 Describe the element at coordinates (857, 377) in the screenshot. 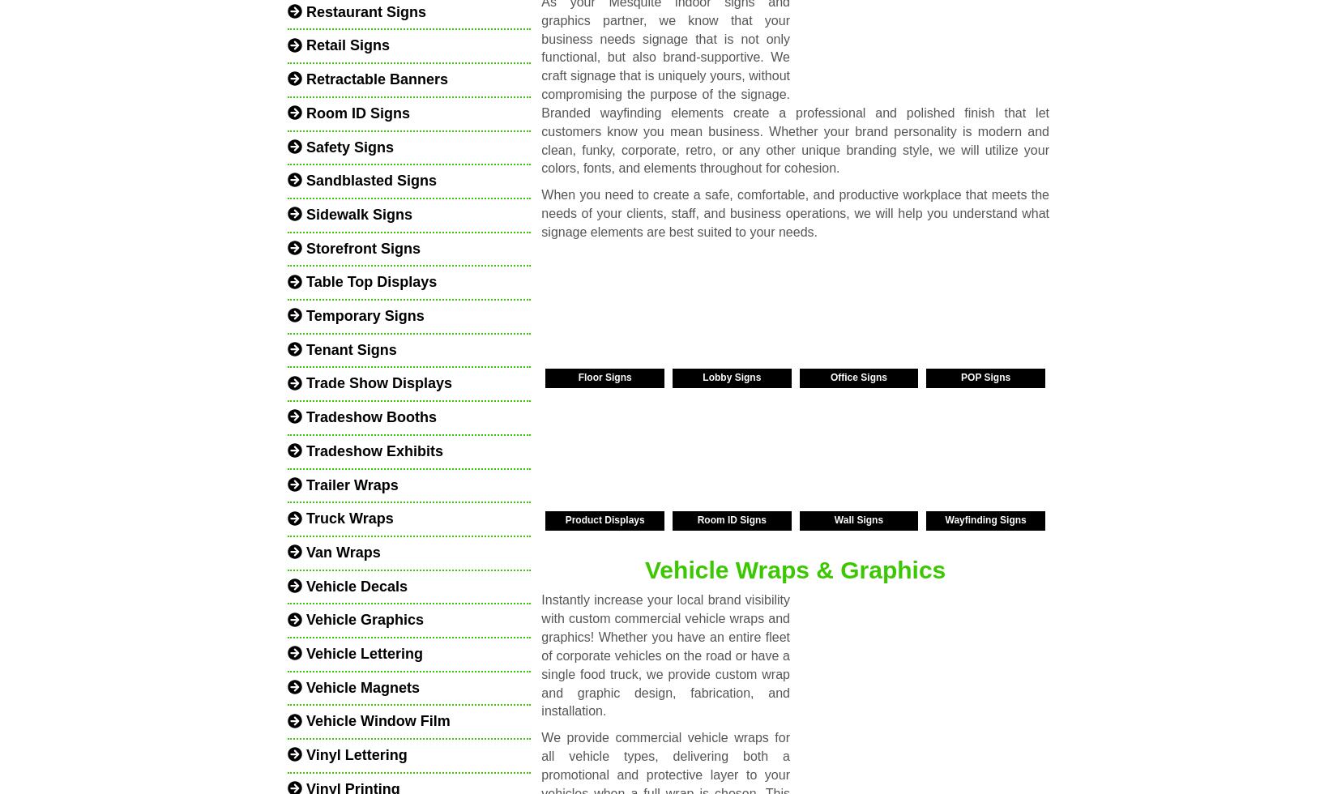

I see `'Office Signs'` at that location.